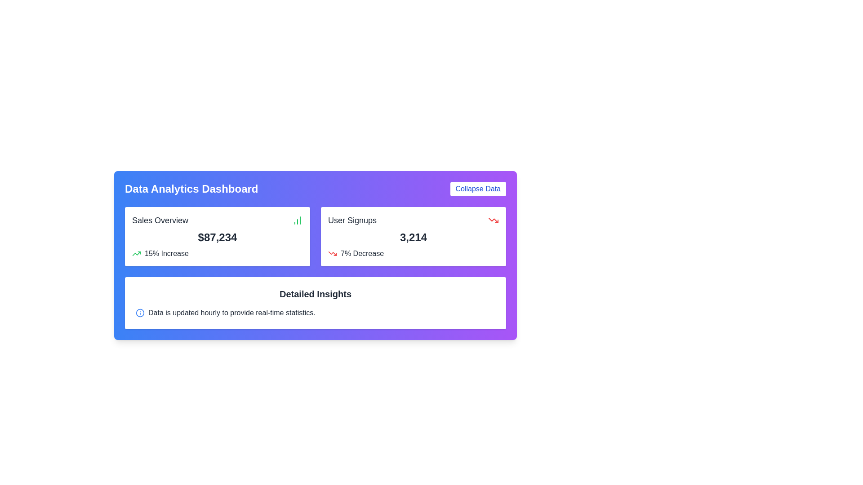  Describe the element at coordinates (493, 220) in the screenshot. I see `the iconic shape within the SVG illustration that indicates a 7% decrease in user signups, located beneath the 'User Signups' heading` at that location.